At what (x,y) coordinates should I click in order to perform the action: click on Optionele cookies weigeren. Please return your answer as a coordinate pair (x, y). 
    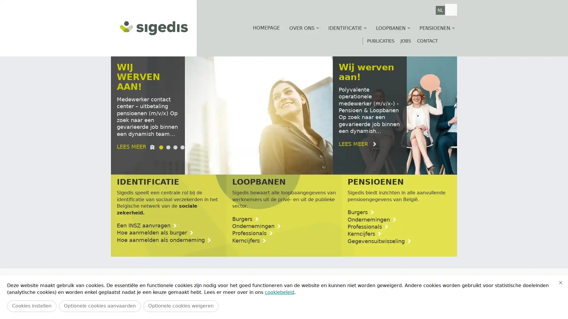
    Looking at the image, I should click on (180, 306).